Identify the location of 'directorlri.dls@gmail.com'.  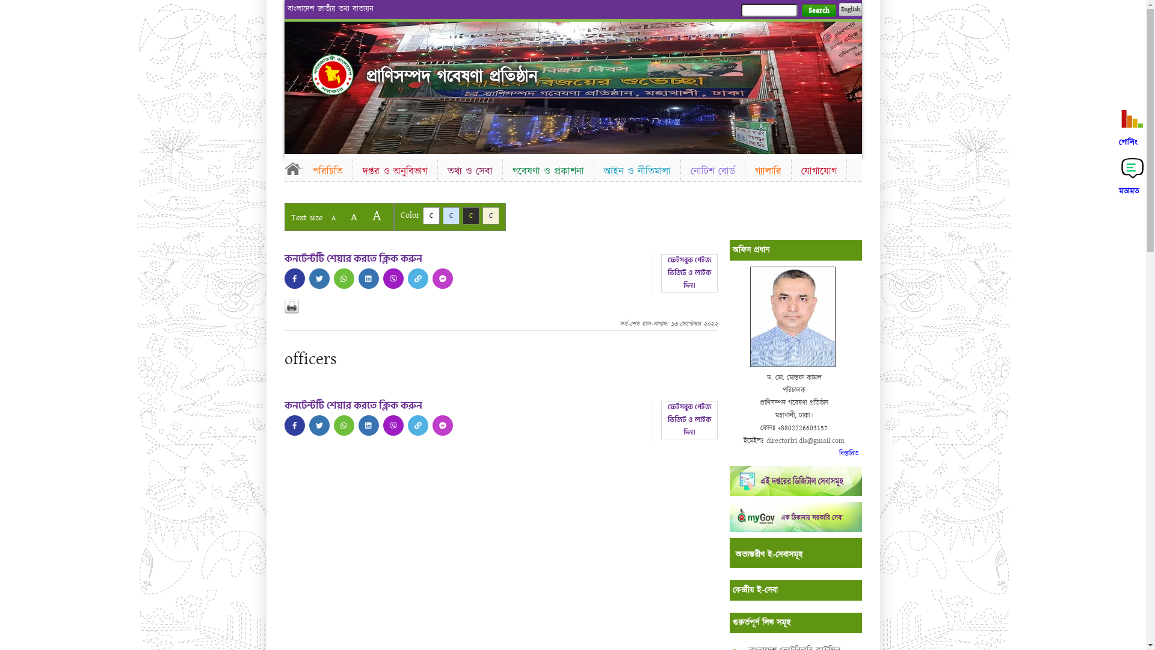
(765, 441).